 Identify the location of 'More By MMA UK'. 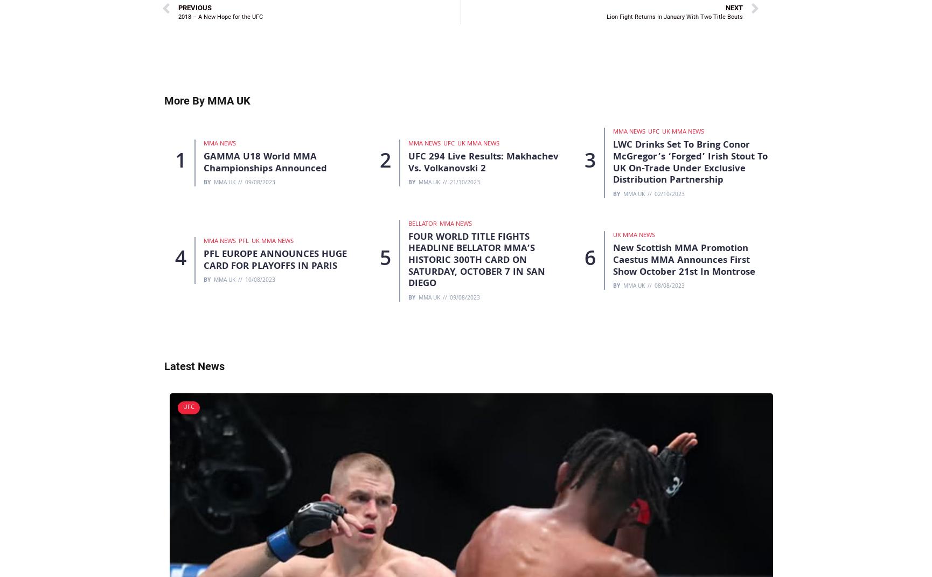
(207, 100).